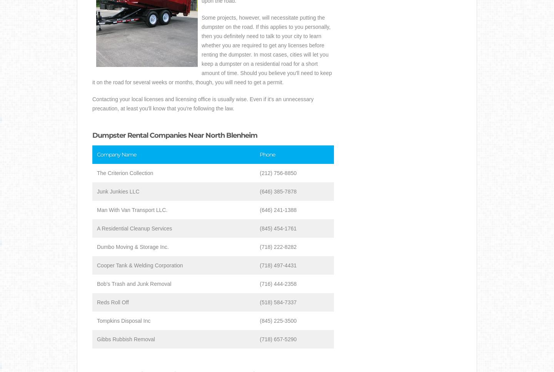 The height and width of the screenshot is (372, 554). Describe the element at coordinates (278, 191) in the screenshot. I see `'(646) 385-7878'` at that location.